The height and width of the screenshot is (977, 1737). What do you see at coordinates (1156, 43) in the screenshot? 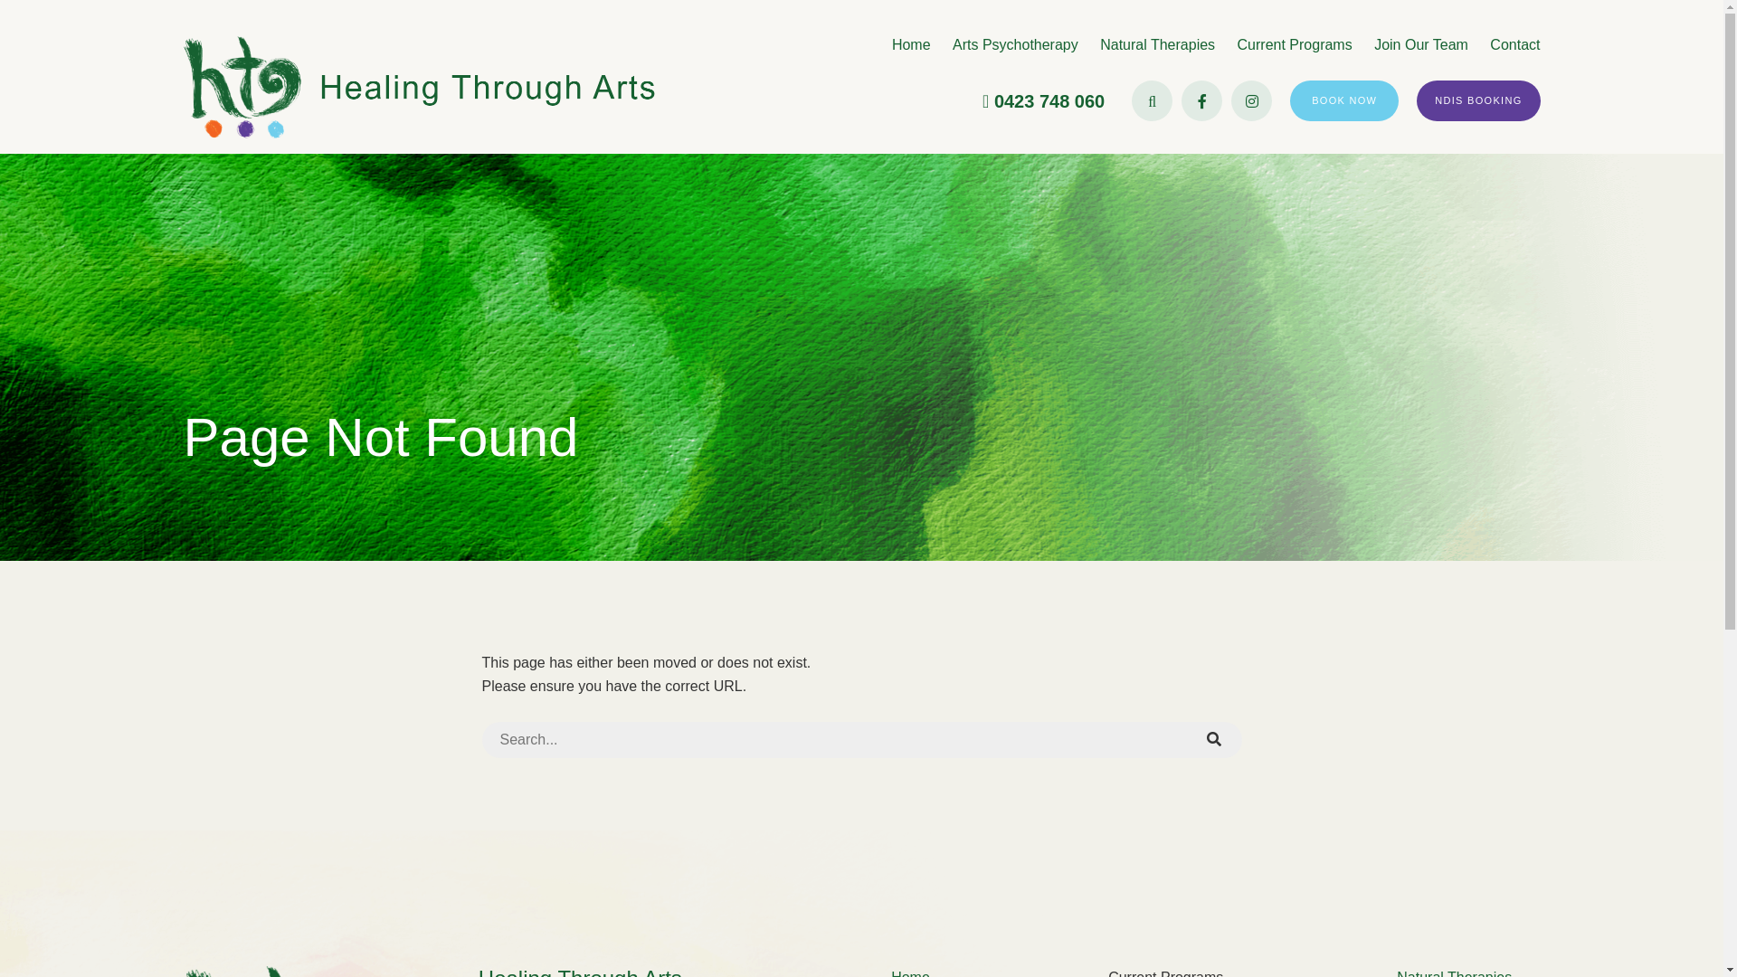
I see `'Natural Therapies'` at bounding box center [1156, 43].